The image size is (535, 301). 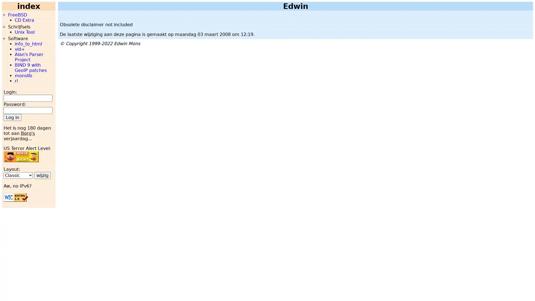 What do you see at coordinates (42, 175) in the screenshot?
I see `wijzig` at bounding box center [42, 175].